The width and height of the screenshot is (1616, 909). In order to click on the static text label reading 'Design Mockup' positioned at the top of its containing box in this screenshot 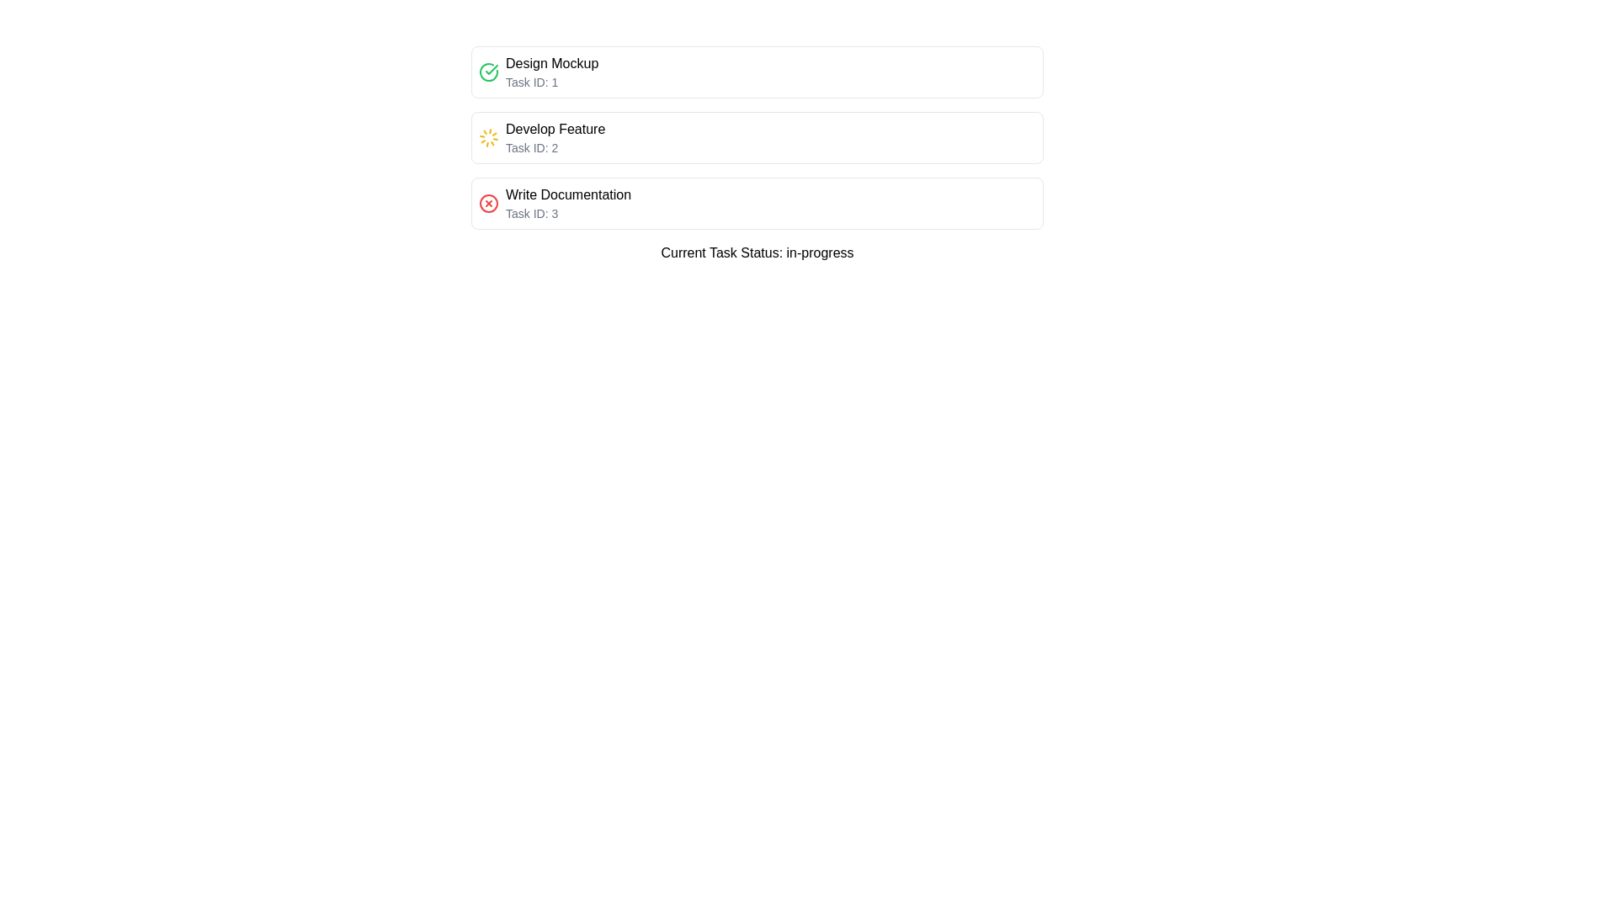, I will do `click(552, 63)`.